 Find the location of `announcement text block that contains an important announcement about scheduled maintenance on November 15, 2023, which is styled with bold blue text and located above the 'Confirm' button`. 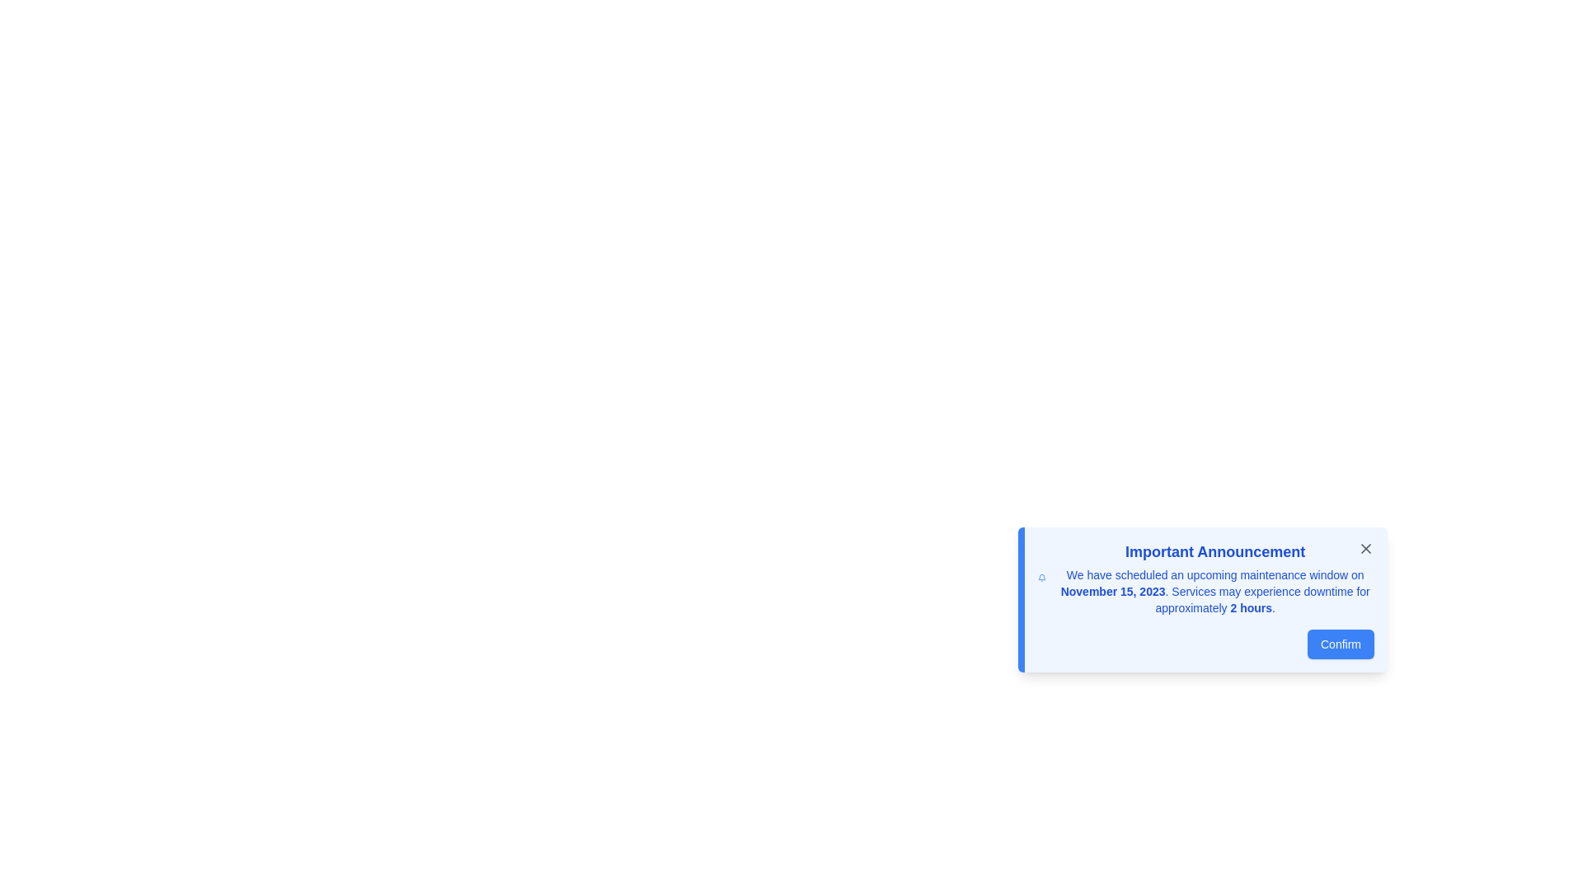

announcement text block that contains an important announcement about scheduled maintenance on November 15, 2023, which is styled with bold blue text and located above the 'Confirm' button is located at coordinates (1206, 578).